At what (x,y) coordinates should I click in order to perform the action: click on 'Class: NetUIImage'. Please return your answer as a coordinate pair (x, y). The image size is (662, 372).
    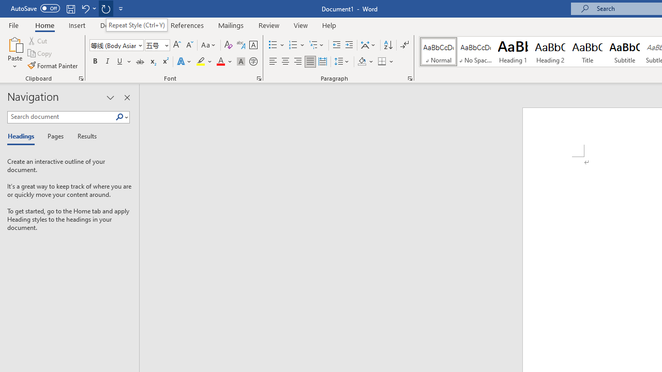
    Looking at the image, I should click on (119, 116).